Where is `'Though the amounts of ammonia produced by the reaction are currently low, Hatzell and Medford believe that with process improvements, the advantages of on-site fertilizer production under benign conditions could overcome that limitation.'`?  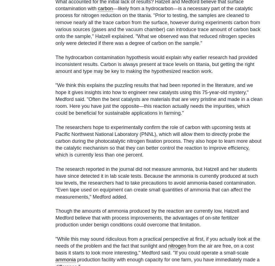
'Though the amounts of ammonia produced by the reaction are currently low, Hatzell and Medford believe that with process improvements, the advantages of on-site fertilizer production under benign conditions could overcome that limitation.' is located at coordinates (152, 217).